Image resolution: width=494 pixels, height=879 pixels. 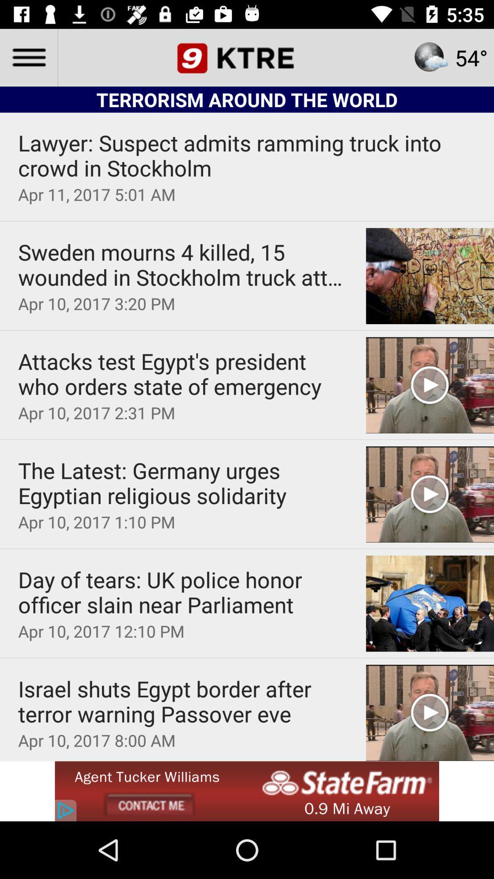 What do you see at coordinates (28, 57) in the screenshot?
I see `the menu icon` at bounding box center [28, 57].